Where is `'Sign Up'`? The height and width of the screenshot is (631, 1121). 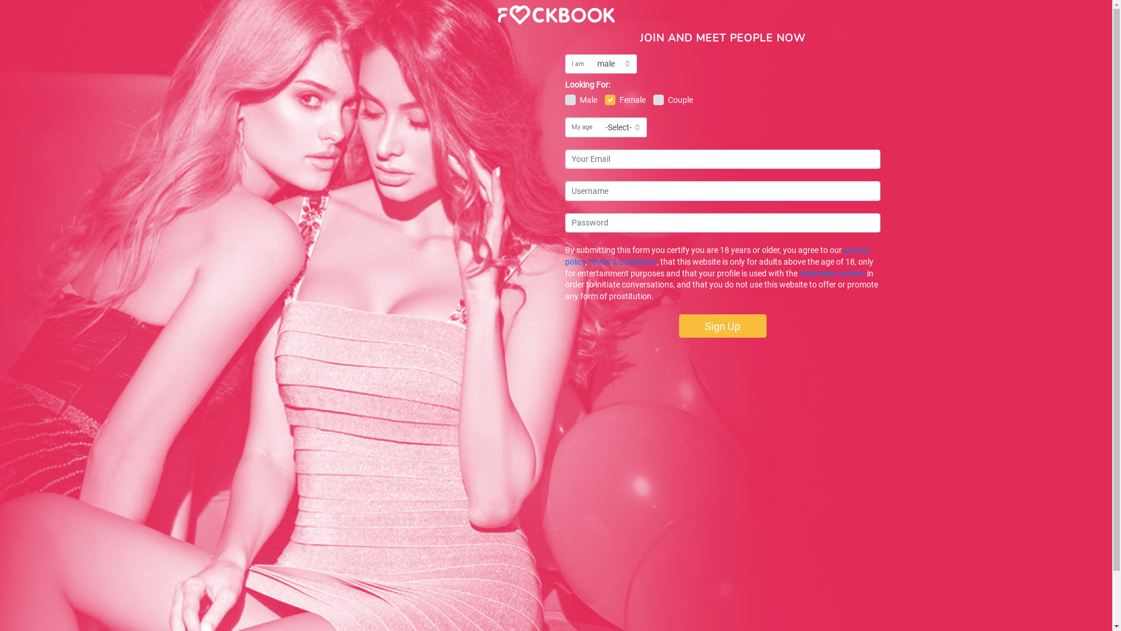 'Sign Up' is located at coordinates (722, 326).